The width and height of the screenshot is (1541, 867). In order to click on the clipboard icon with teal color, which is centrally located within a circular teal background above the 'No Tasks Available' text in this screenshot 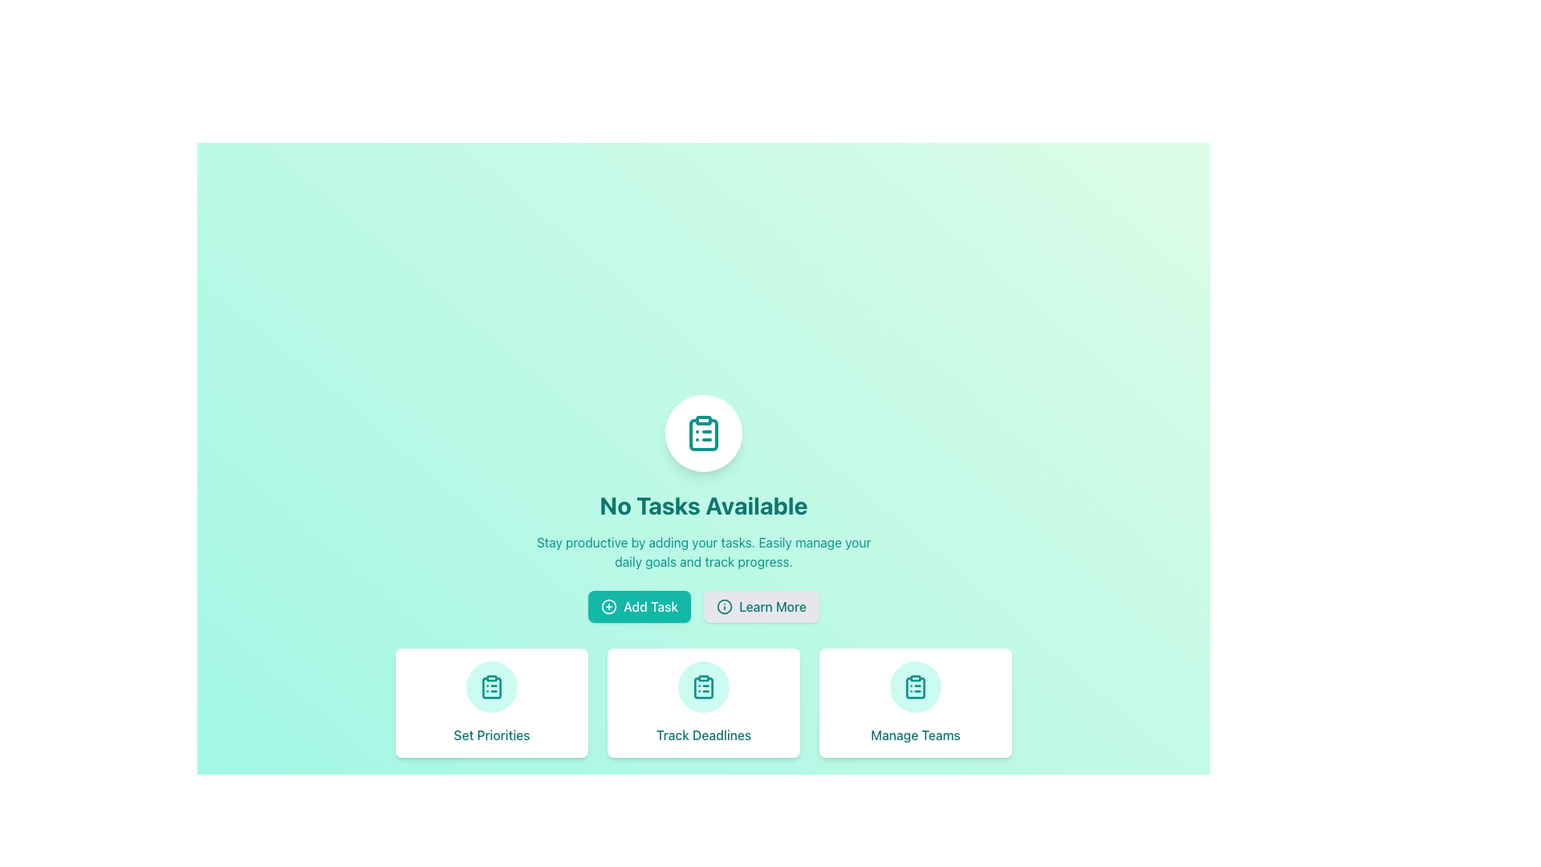, I will do `click(916, 686)`.